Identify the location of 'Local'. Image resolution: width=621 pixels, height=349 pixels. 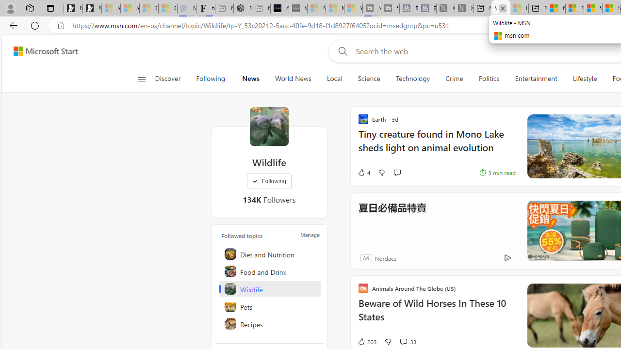
(334, 79).